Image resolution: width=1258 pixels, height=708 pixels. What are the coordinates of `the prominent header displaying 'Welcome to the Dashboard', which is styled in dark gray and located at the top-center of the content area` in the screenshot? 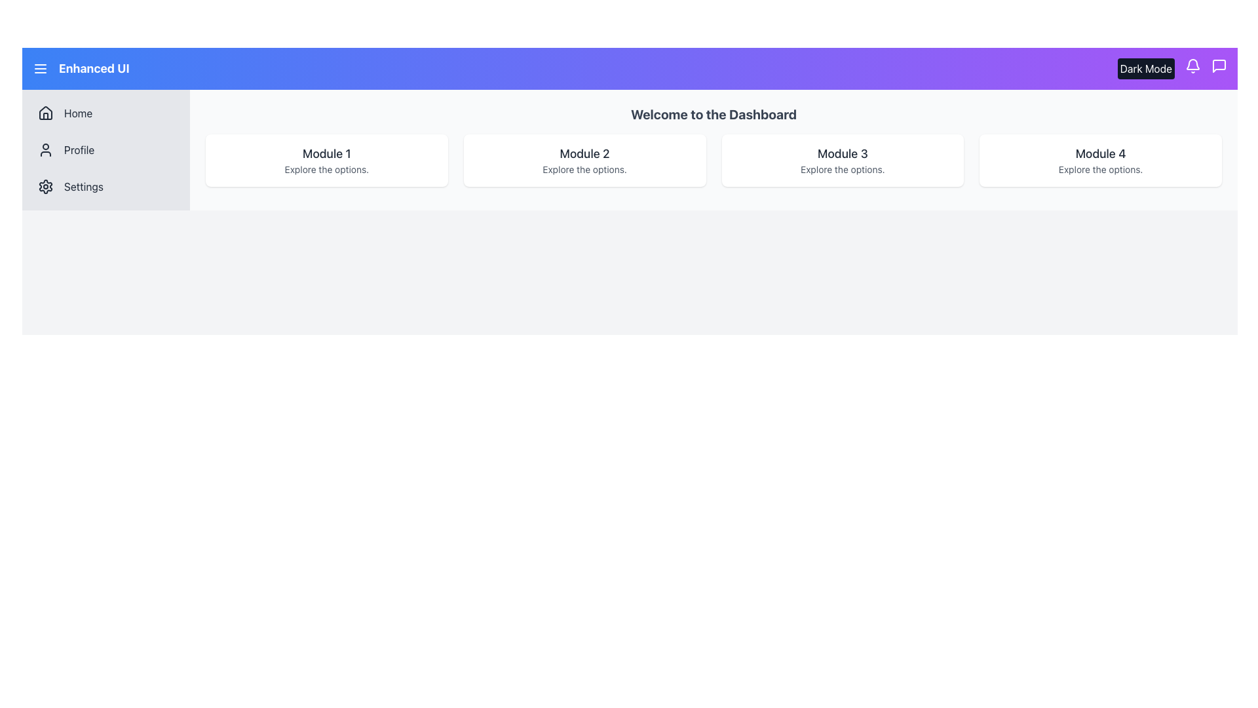 It's located at (713, 113).